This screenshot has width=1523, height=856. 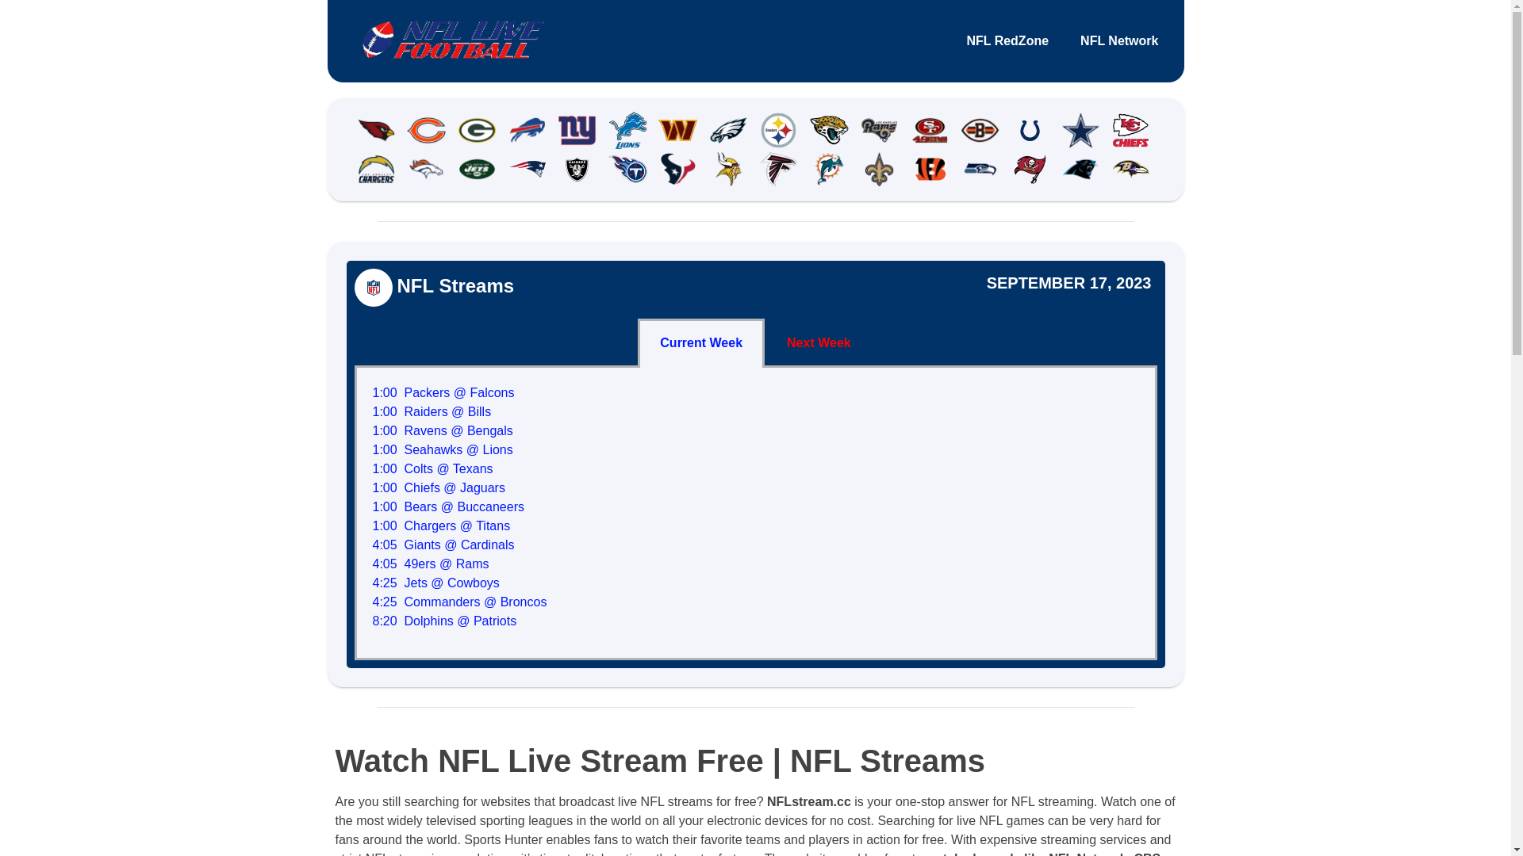 I want to click on 'Chiefs @ Jaguars', so click(x=454, y=487).